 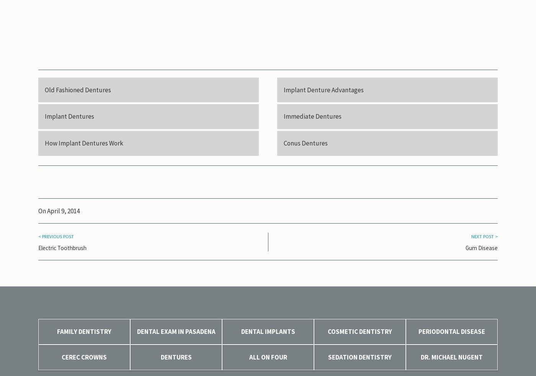 What do you see at coordinates (268, 332) in the screenshot?
I see `'Dental Implants'` at bounding box center [268, 332].